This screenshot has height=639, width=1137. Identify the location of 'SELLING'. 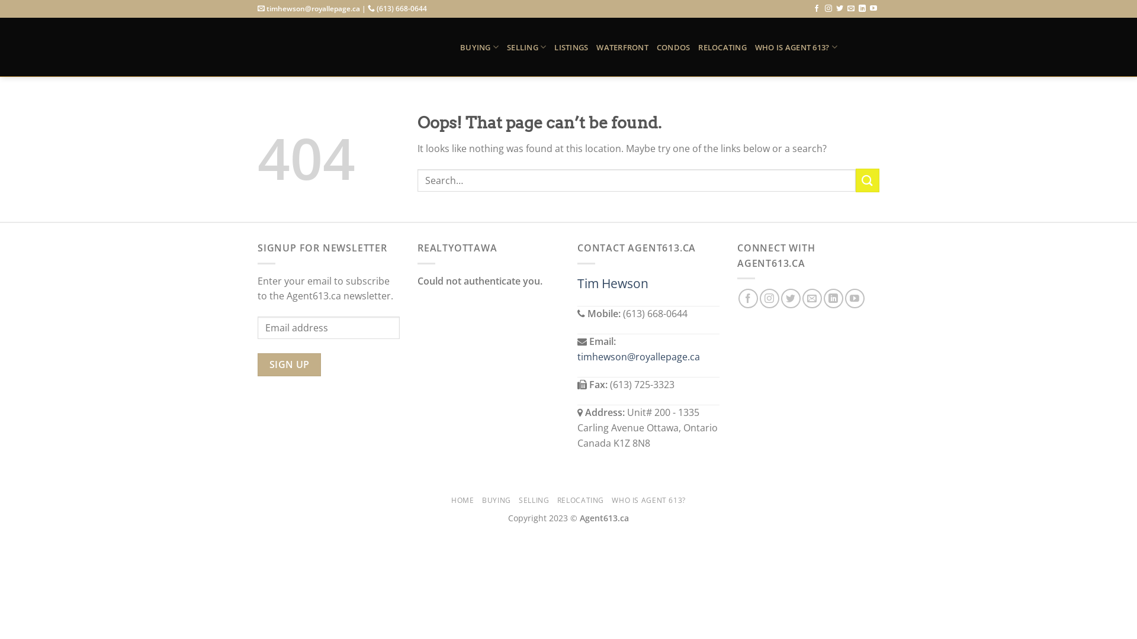
(525, 46).